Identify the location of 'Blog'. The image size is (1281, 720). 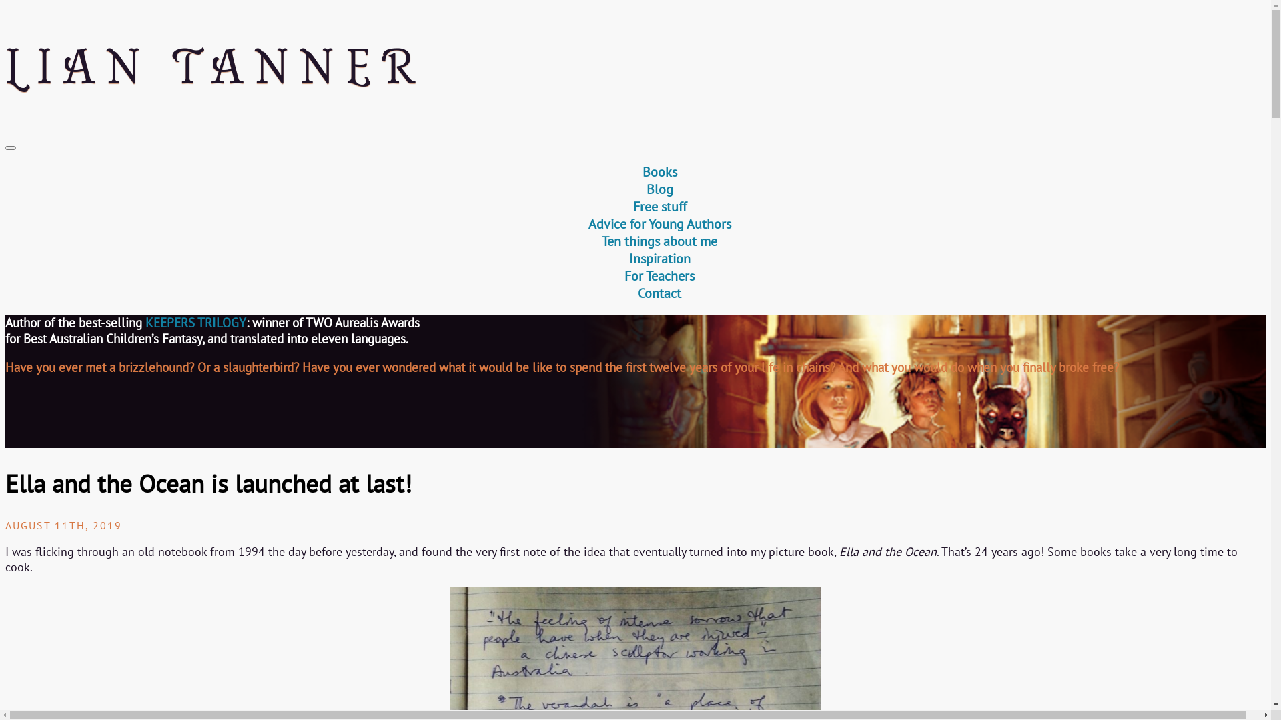
(659, 189).